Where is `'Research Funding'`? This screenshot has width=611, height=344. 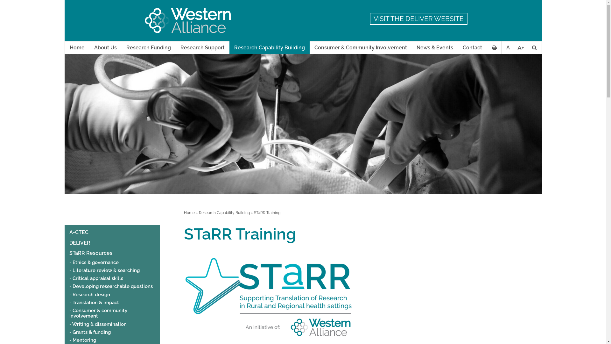 'Research Funding' is located at coordinates (148, 47).